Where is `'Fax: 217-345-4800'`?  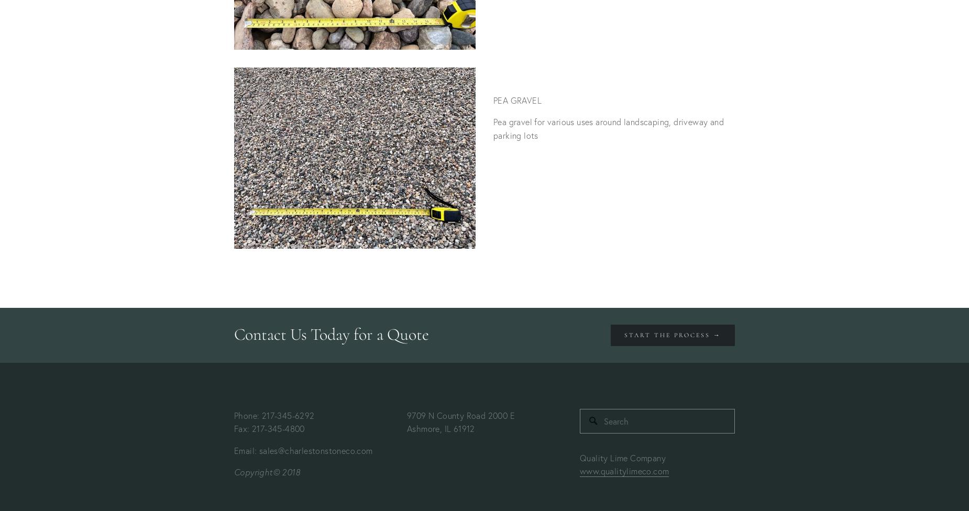
'Fax: 217-345-4800' is located at coordinates (269, 428).